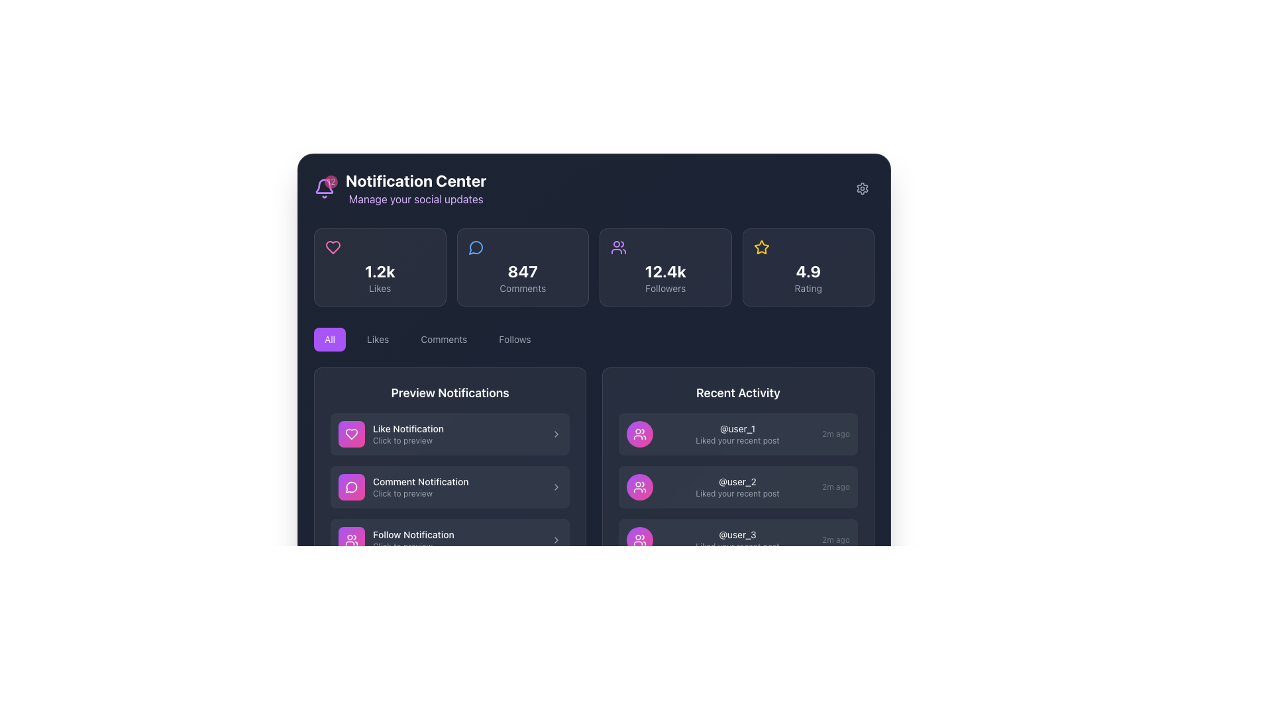 This screenshot has height=715, width=1272. I want to click on the Icon button in the 'Preview Notifications' section, which is a square button with rounded corners, a gradient background from purple to pink, and a centered white heart icon representing a 'like' action, so click(352, 434).